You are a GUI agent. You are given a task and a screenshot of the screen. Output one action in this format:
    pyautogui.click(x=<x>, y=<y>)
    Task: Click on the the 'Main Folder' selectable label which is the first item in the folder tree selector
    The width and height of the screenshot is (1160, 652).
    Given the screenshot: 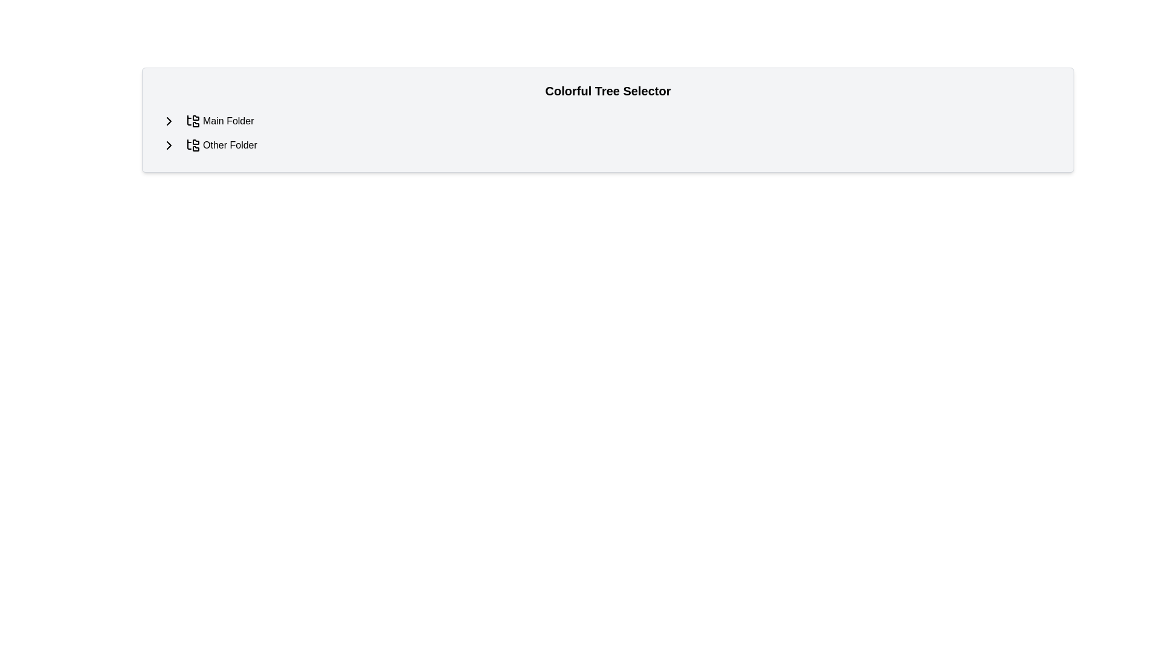 What is the action you would take?
    pyautogui.click(x=220, y=121)
    